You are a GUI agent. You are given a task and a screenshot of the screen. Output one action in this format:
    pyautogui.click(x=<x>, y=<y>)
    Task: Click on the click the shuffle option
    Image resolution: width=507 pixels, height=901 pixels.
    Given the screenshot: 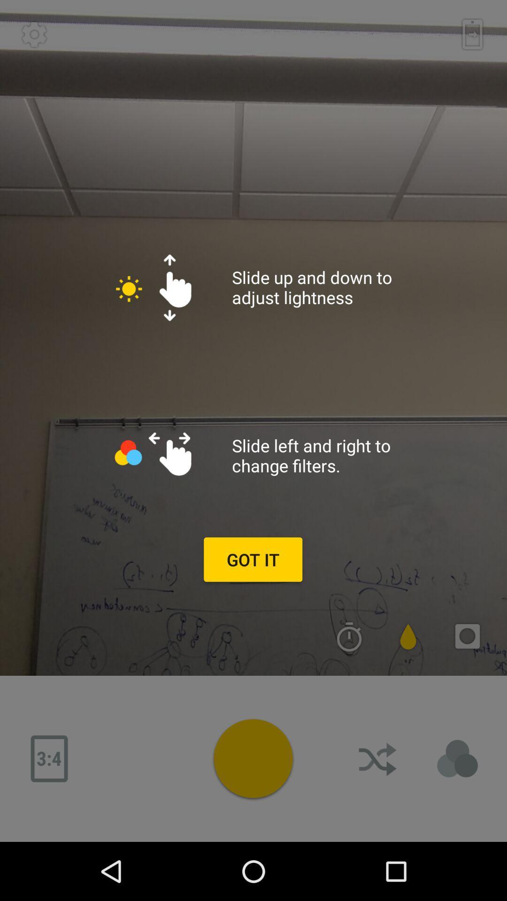 What is the action you would take?
    pyautogui.click(x=378, y=759)
    